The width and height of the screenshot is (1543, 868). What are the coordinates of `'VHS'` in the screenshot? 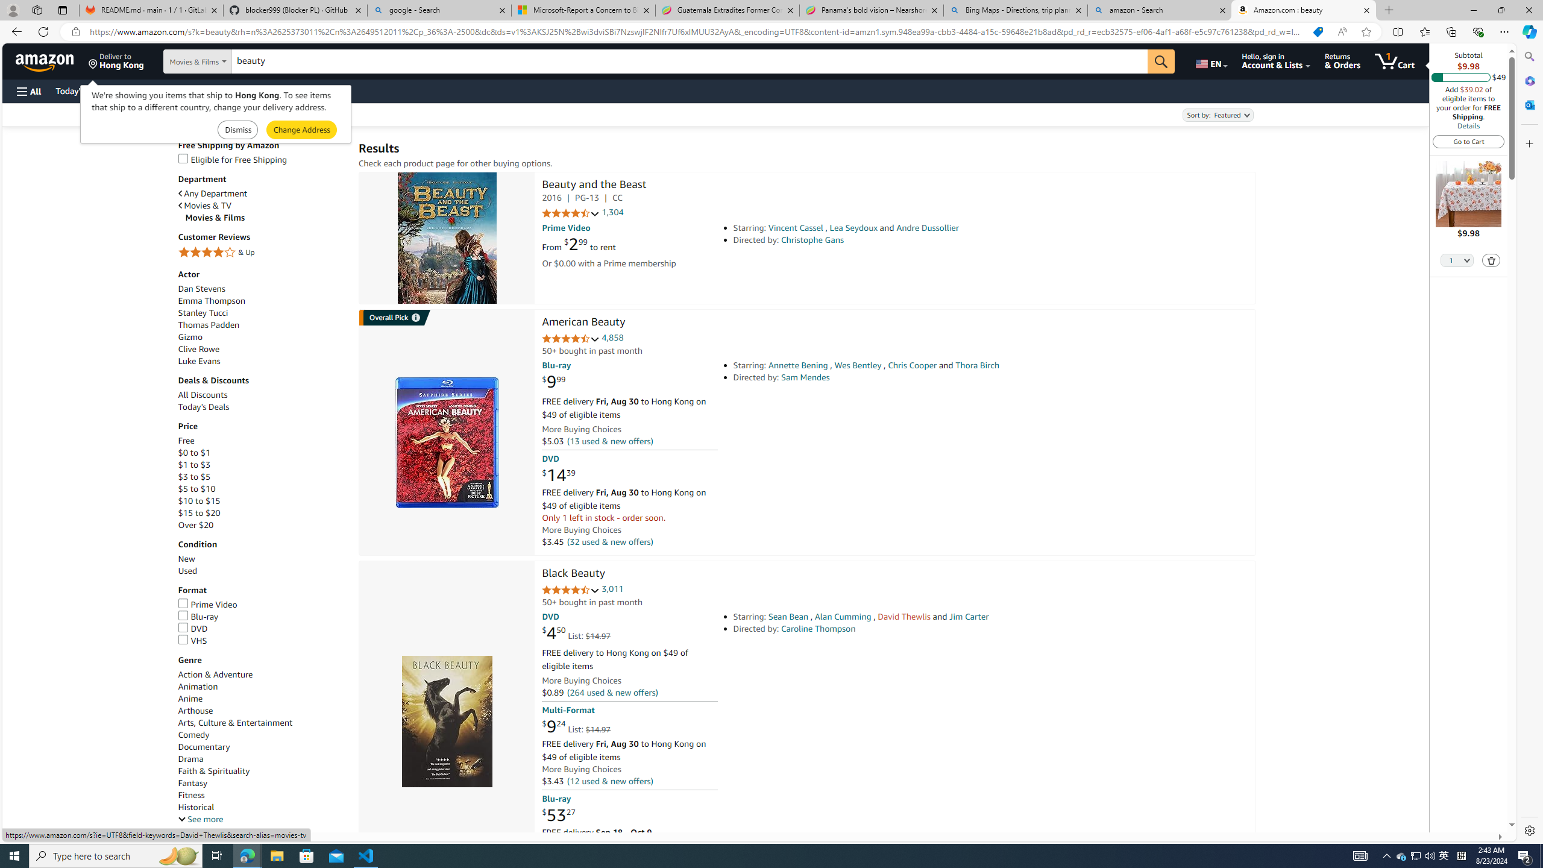 It's located at (191, 640).